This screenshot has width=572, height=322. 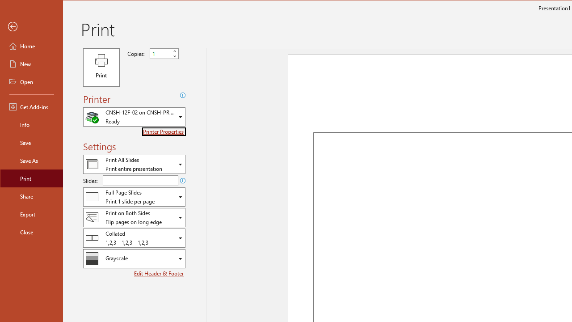 I want to click on 'Printer Properties', so click(x=164, y=131).